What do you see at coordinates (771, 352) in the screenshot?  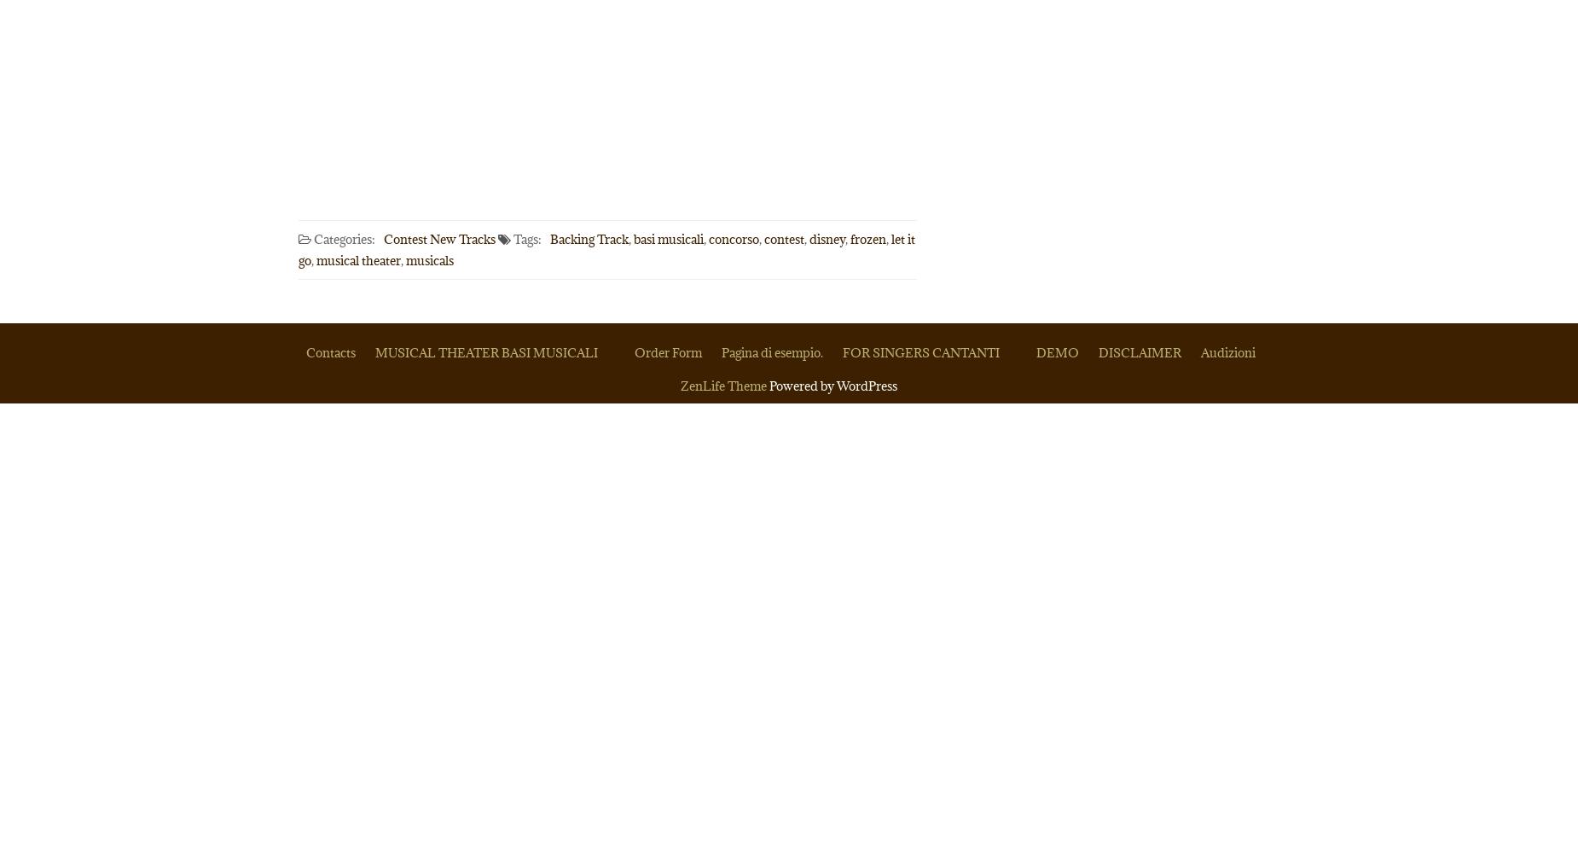 I see `'Pagina di esempio.'` at bounding box center [771, 352].